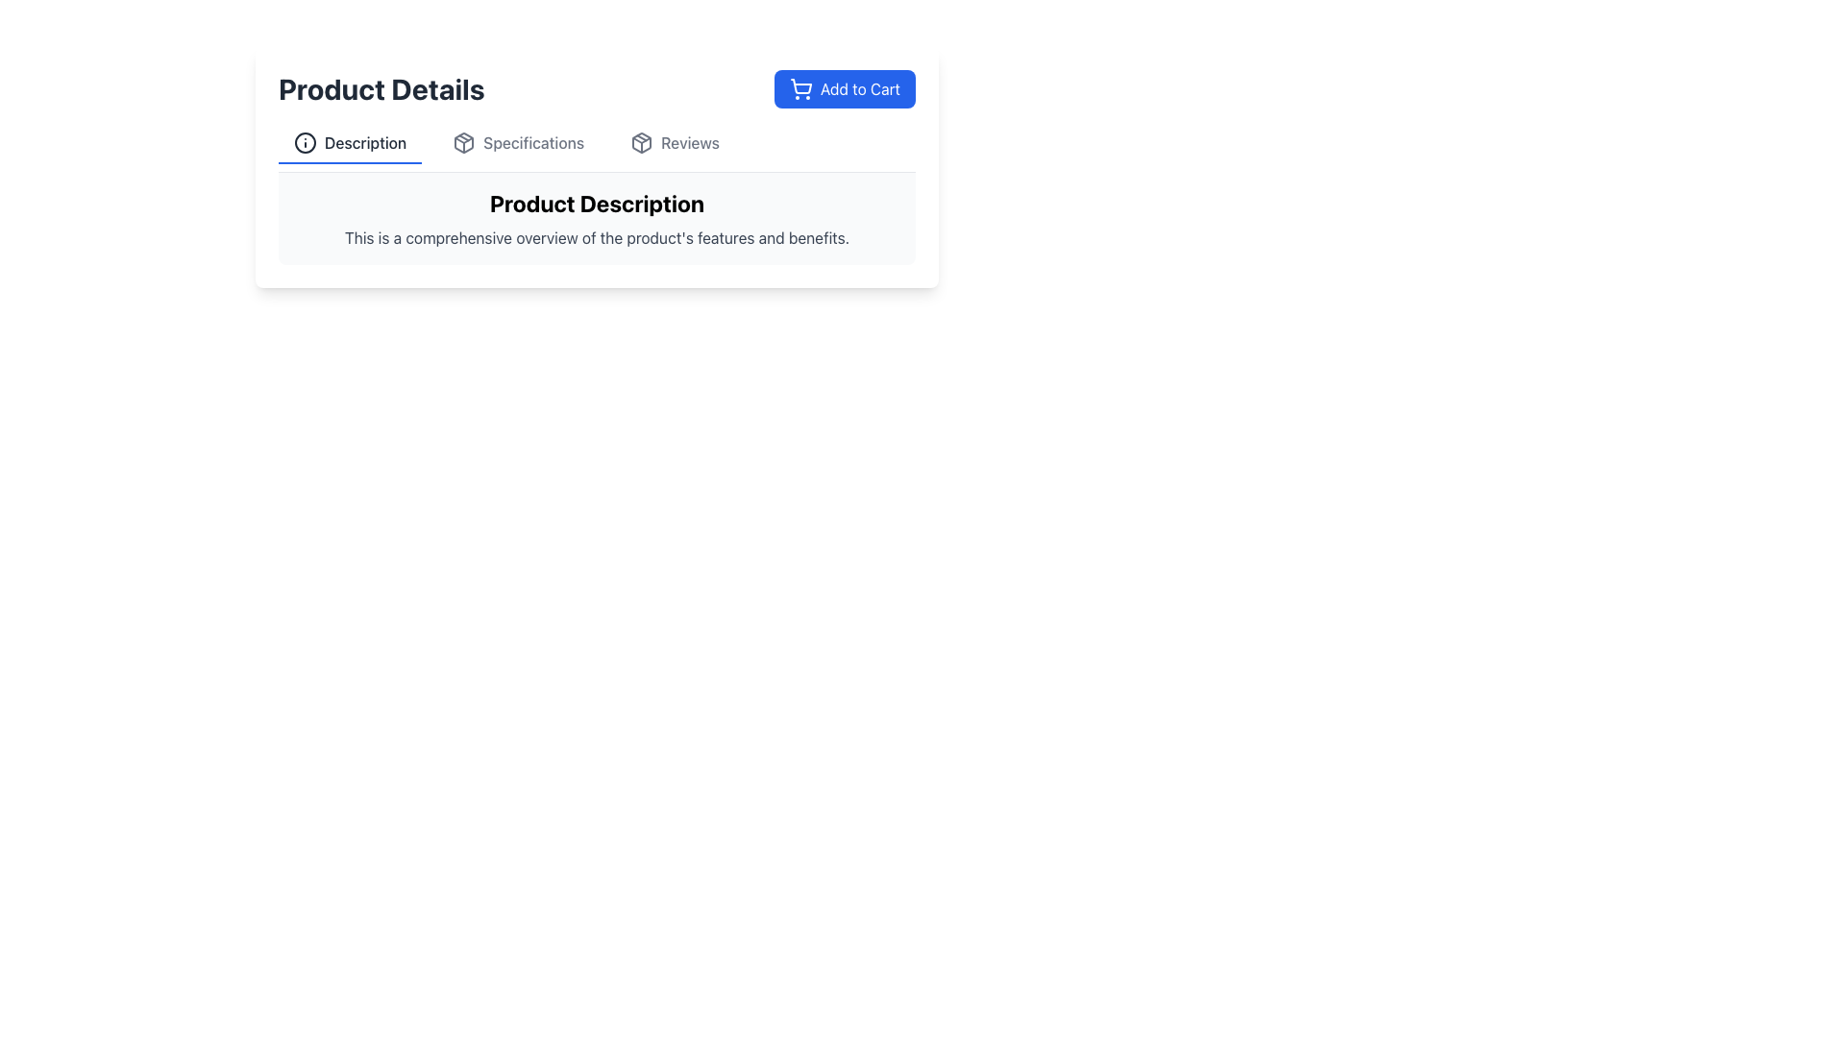  Describe the element at coordinates (304, 142) in the screenshot. I see `the SVG circle element with a black outline in the 'Description' tab of the 'Product Details' section, which is part of an information icon` at that location.